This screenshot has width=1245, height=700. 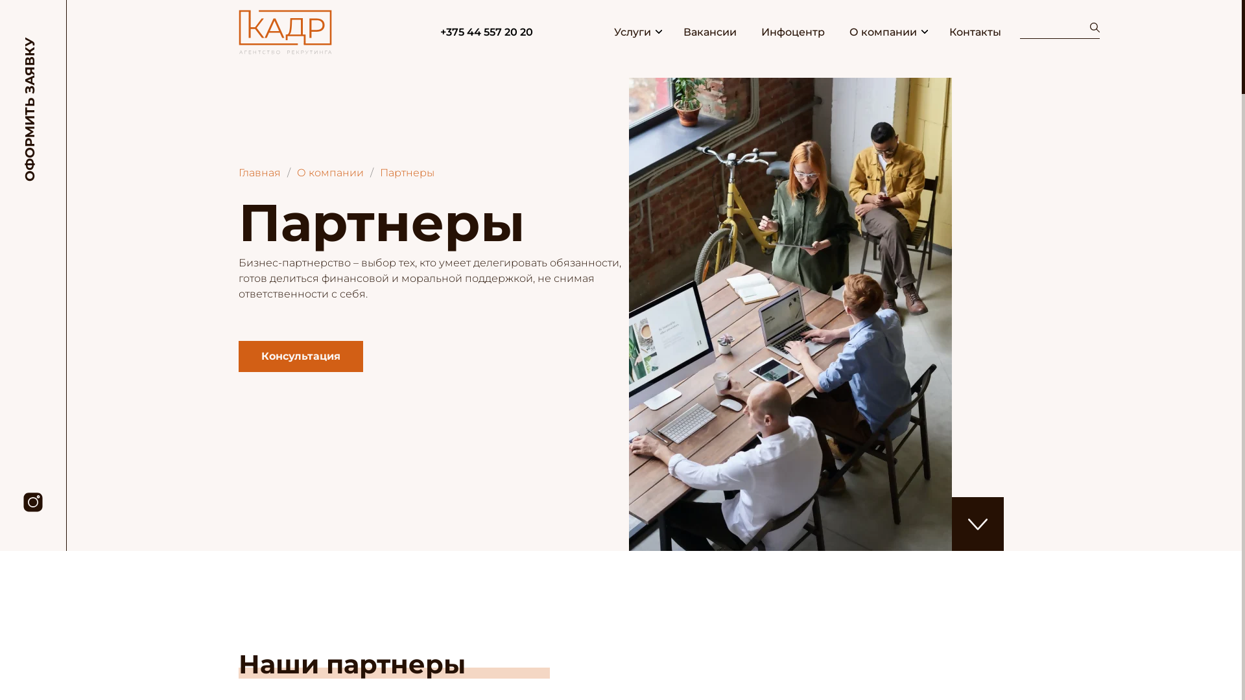 What do you see at coordinates (486, 31) in the screenshot?
I see `'+375 44 557 20 20'` at bounding box center [486, 31].